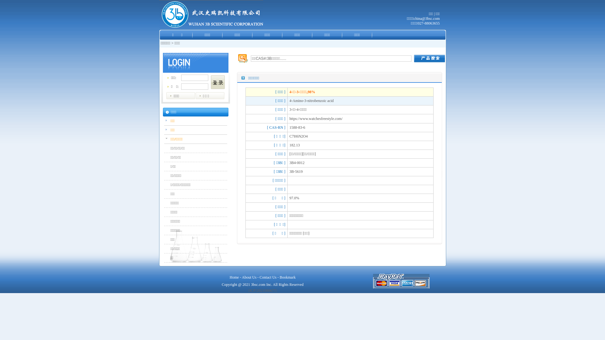 Image resolution: width=605 pixels, height=340 pixels. I want to click on 'Contact Us', so click(268, 277).